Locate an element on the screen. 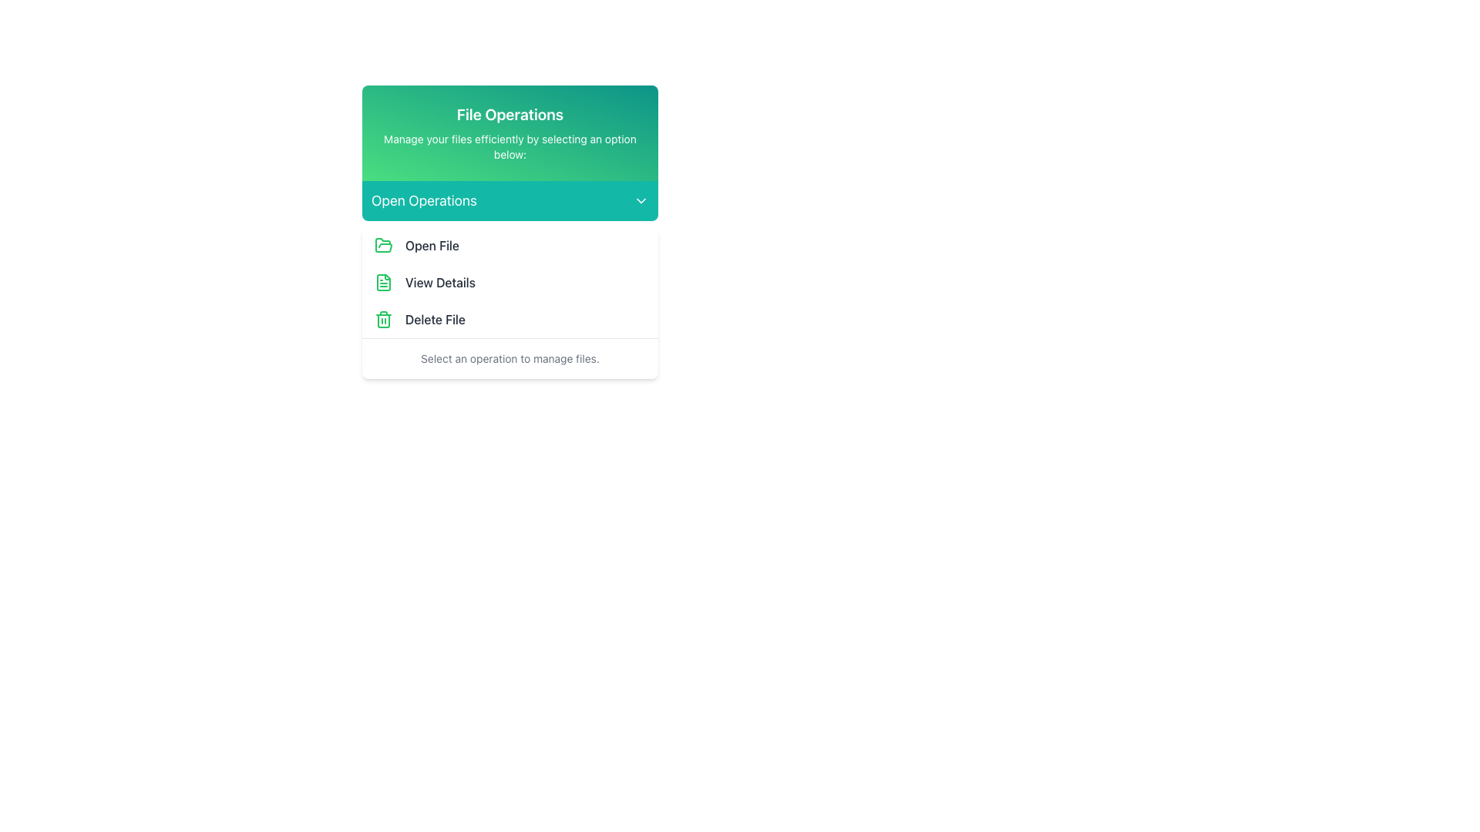 This screenshot has height=832, width=1480. the teal-colored 'Open Operations' Dropdown Toggle Button for keyboard interaction is located at coordinates (510, 200).